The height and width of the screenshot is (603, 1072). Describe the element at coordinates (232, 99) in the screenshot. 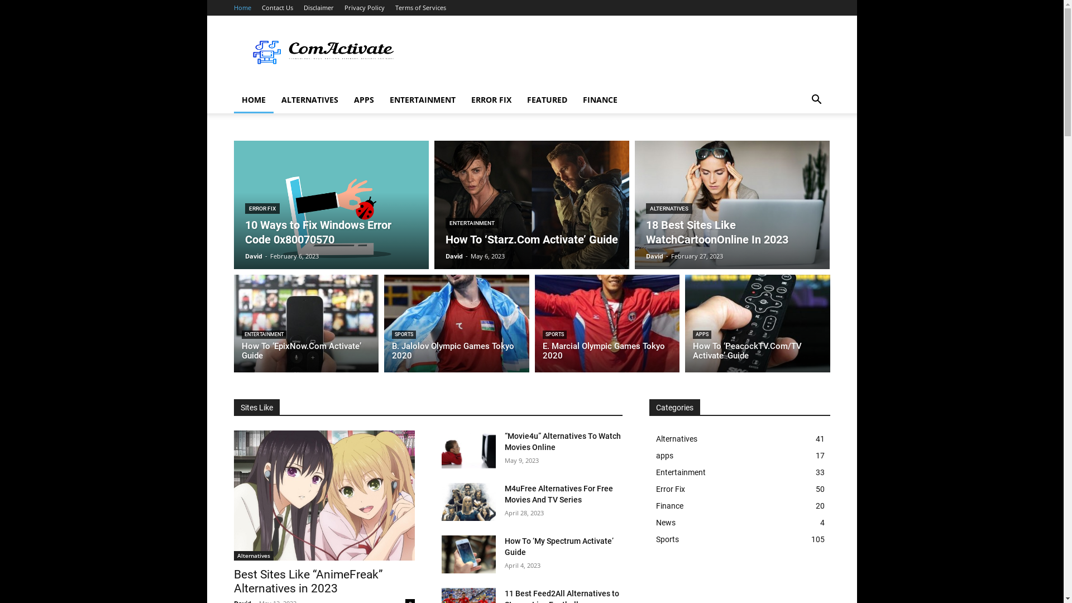

I see `'HOME'` at that location.